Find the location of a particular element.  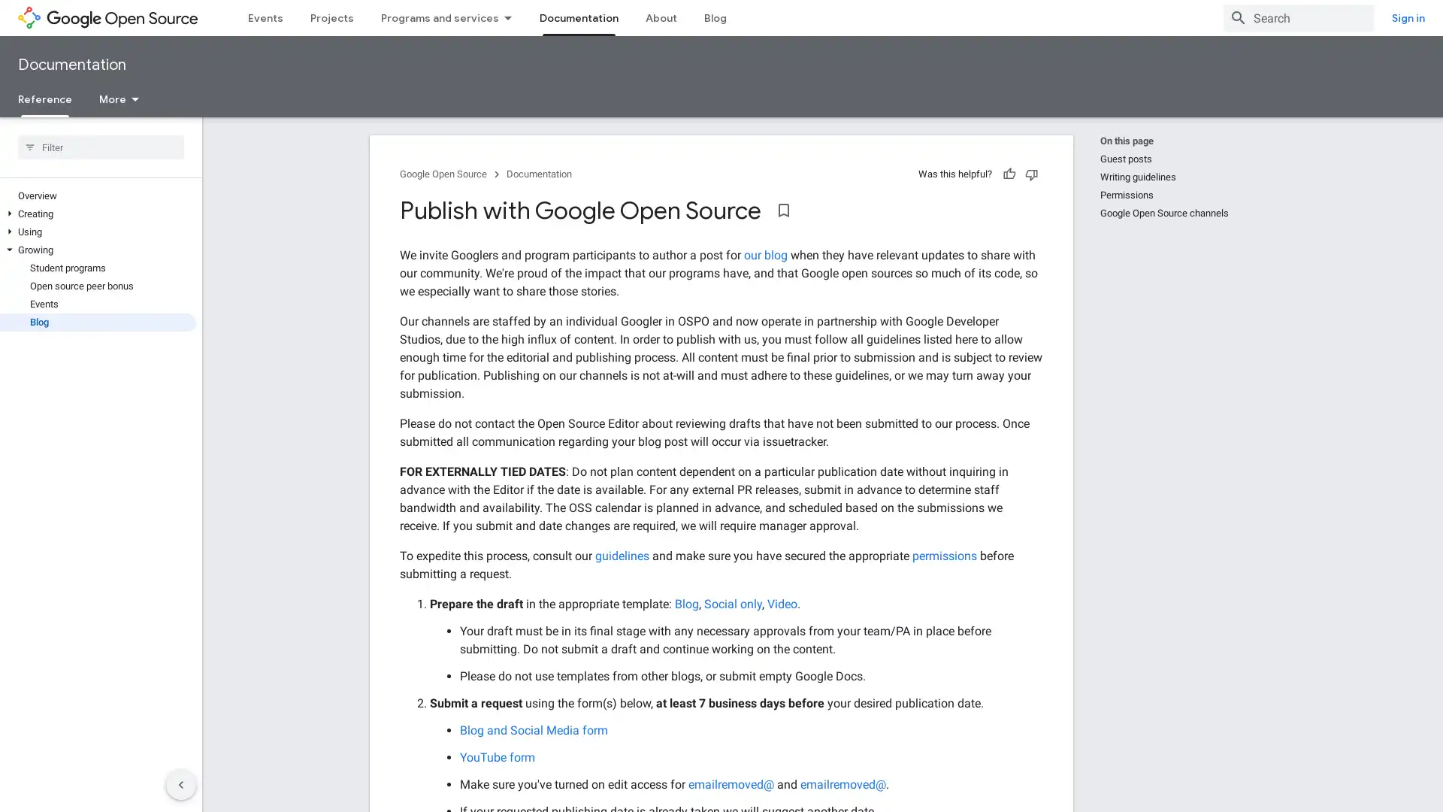

Helpful is located at coordinates (1009, 173).